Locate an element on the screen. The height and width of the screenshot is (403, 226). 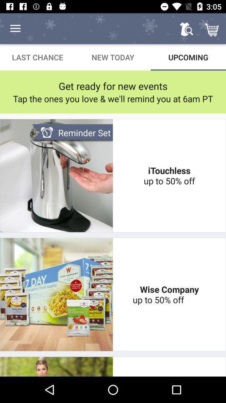
the item above last chance icon is located at coordinates (15, 29).